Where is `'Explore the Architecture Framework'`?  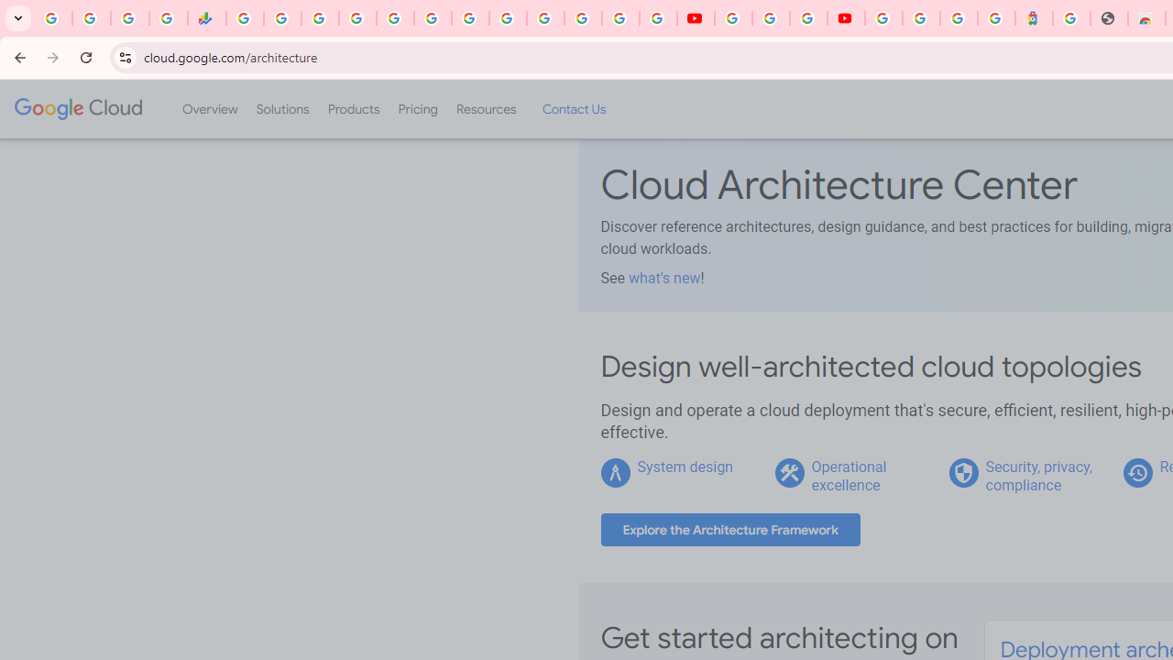
'Explore the Architecture Framework' is located at coordinates (729, 530).